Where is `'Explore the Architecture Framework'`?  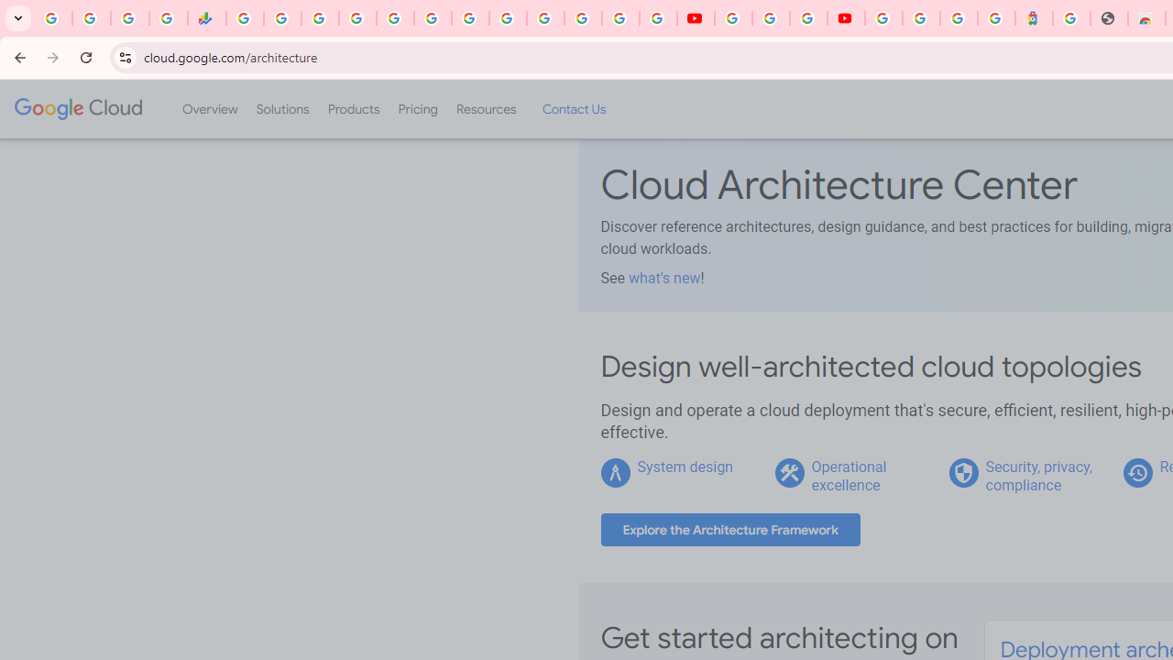
'Explore the Architecture Framework' is located at coordinates (729, 530).